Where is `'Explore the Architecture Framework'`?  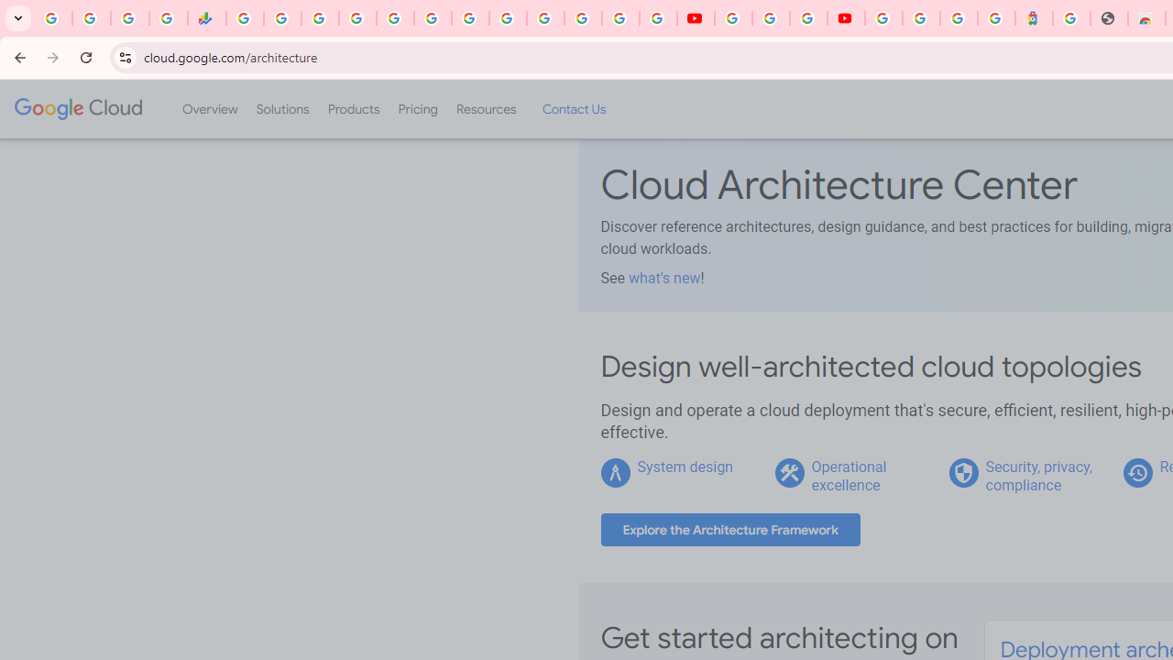
'Explore the Architecture Framework' is located at coordinates (729, 530).